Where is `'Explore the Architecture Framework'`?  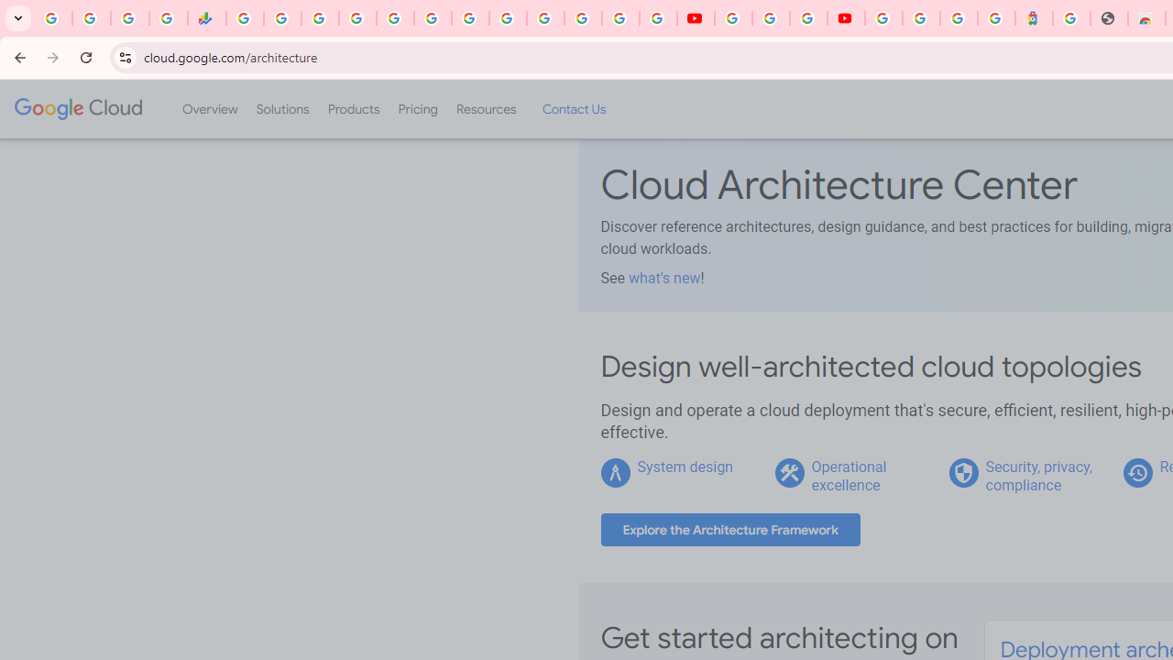
'Explore the Architecture Framework' is located at coordinates (729, 530).